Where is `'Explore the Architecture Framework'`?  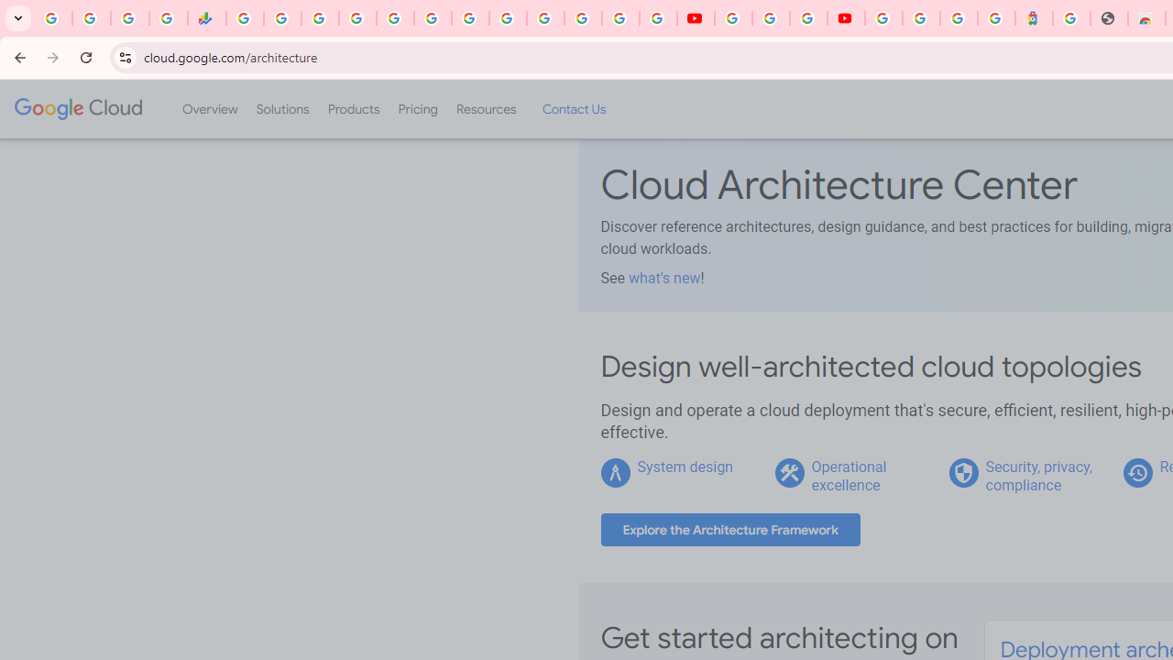
'Explore the Architecture Framework' is located at coordinates (729, 530).